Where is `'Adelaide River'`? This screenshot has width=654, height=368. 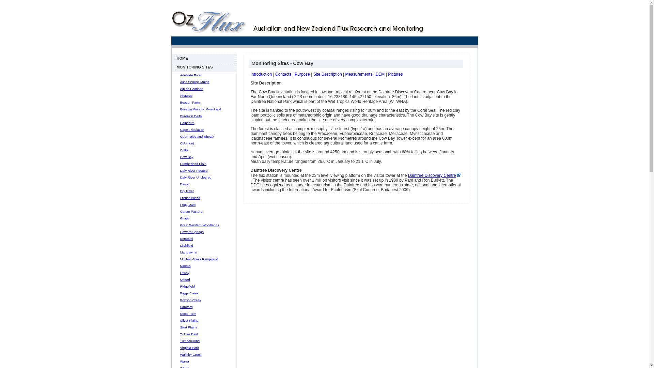
'Adelaide River' is located at coordinates (190, 75).